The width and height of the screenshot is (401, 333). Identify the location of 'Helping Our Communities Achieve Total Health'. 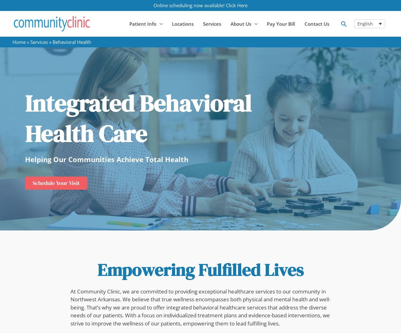
(25, 158).